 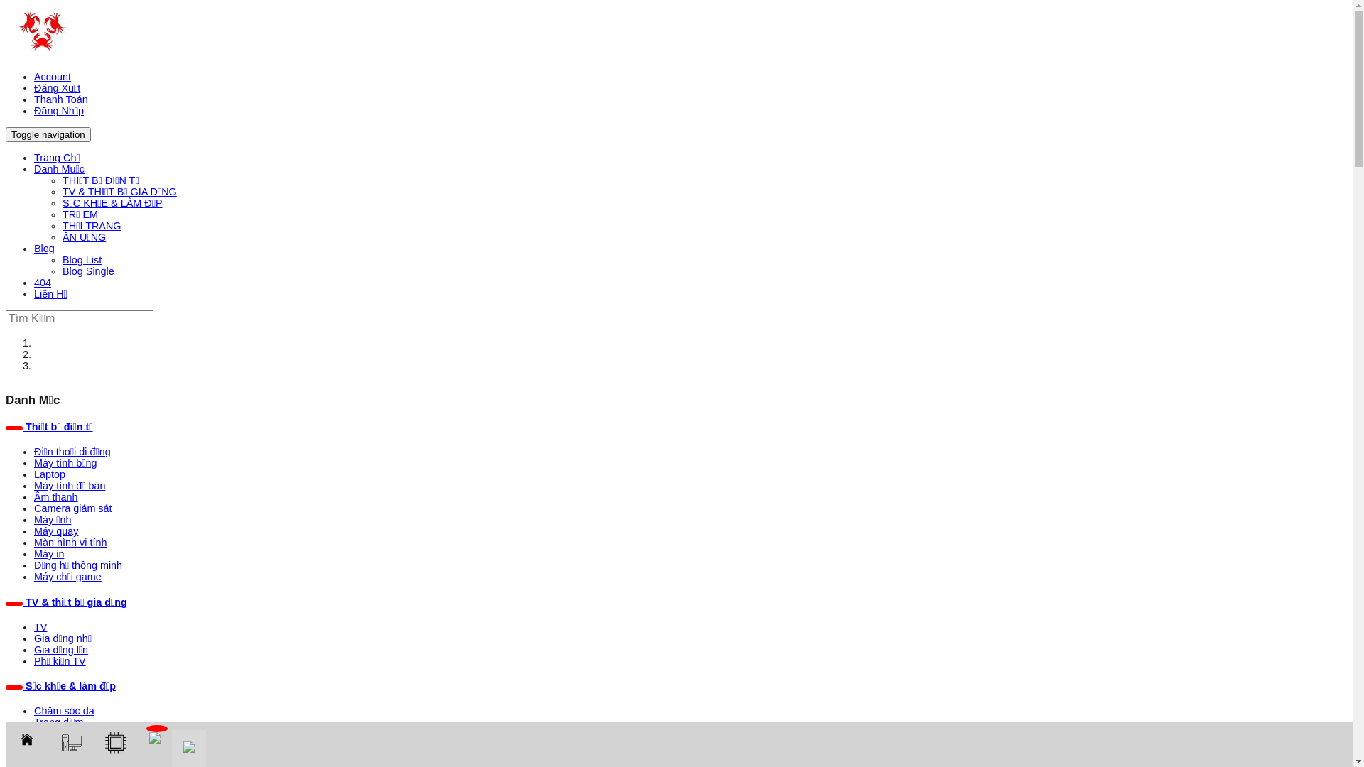 I want to click on 'TV', so click(x=40, y=626).